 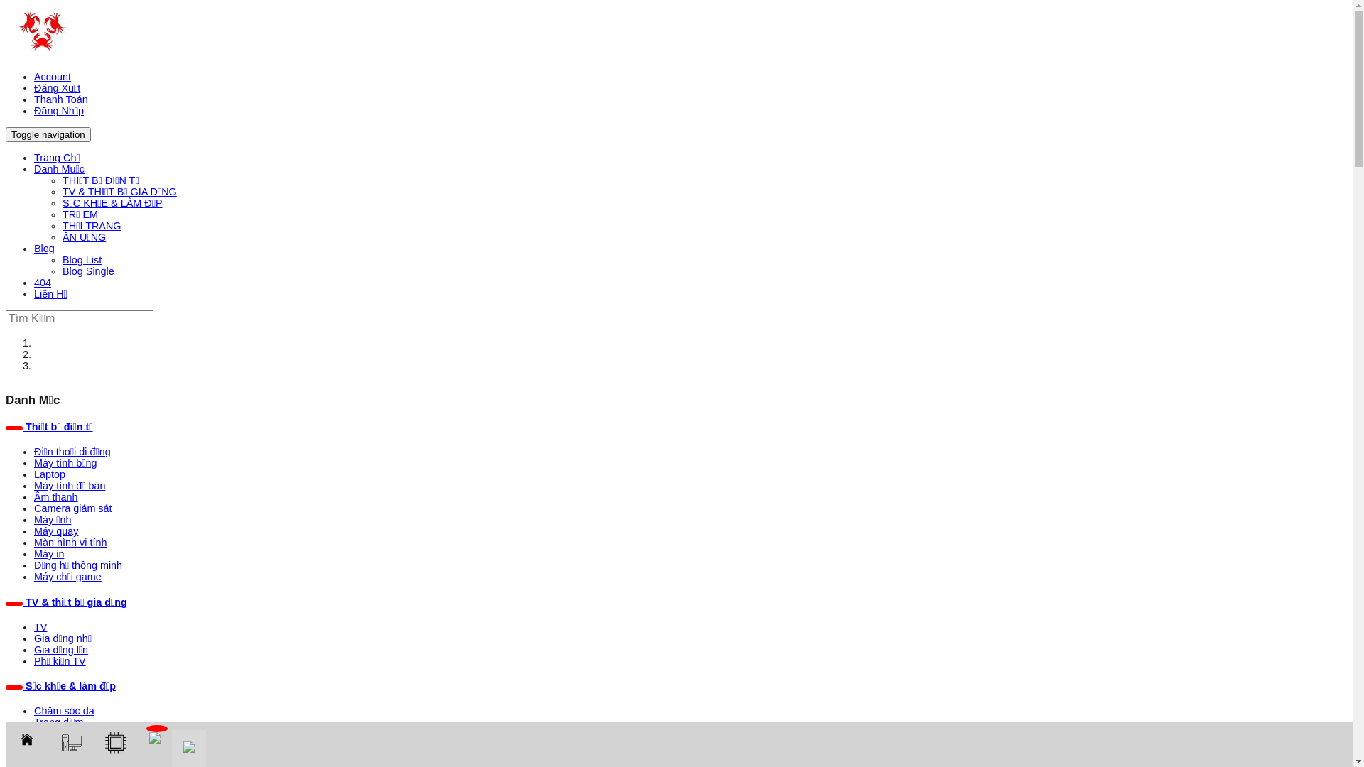 I want to click on 'TV', so click(x=40, y=626).